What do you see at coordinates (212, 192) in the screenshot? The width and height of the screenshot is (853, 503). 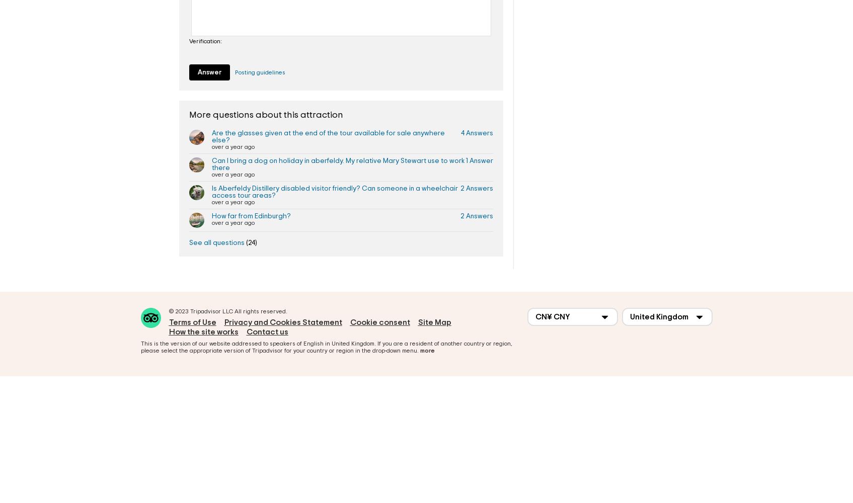 I see `'Is Aberfeldy Distillery disabled visitor friendly? Can someone in a wheelchair access tour areas?'` at bounding box center [212, 192].